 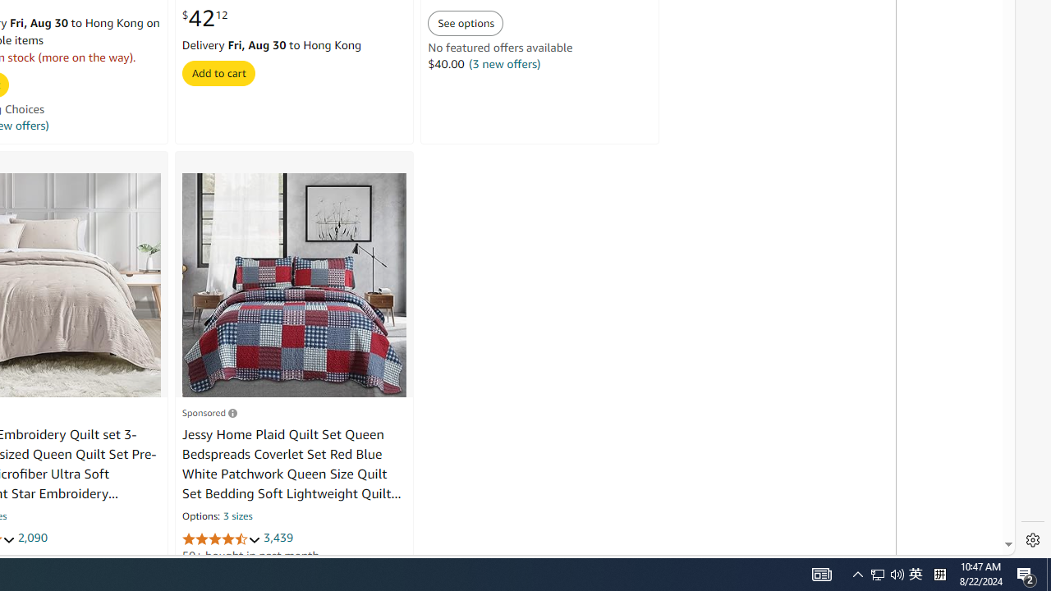 What do you see at coordinates (204, 19) in the screenshot?
I see `'$42.12'` at bounding box center [204, 19].